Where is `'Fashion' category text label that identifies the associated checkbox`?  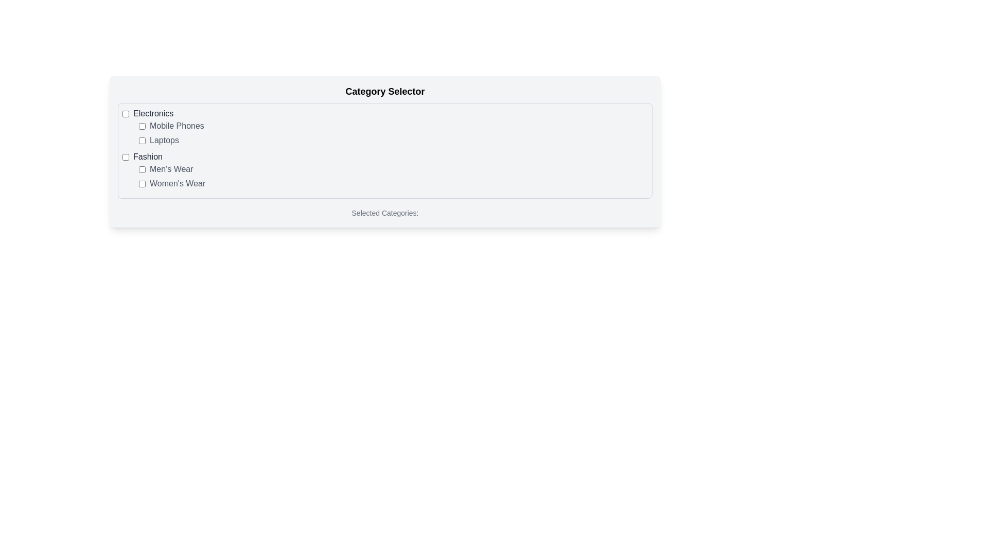 'Fashion' category text label that identifies the associated checkbox is located at coordinates (147, 157).